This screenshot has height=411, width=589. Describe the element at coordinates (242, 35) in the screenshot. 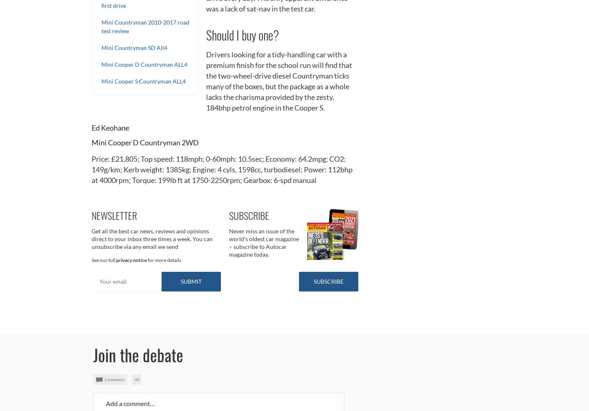

I see `'Should I buy one?'` at that location.